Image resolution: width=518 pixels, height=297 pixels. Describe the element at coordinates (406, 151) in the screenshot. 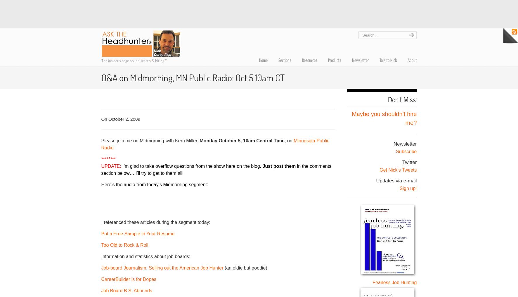

I see `'Subscribe'` at that location.